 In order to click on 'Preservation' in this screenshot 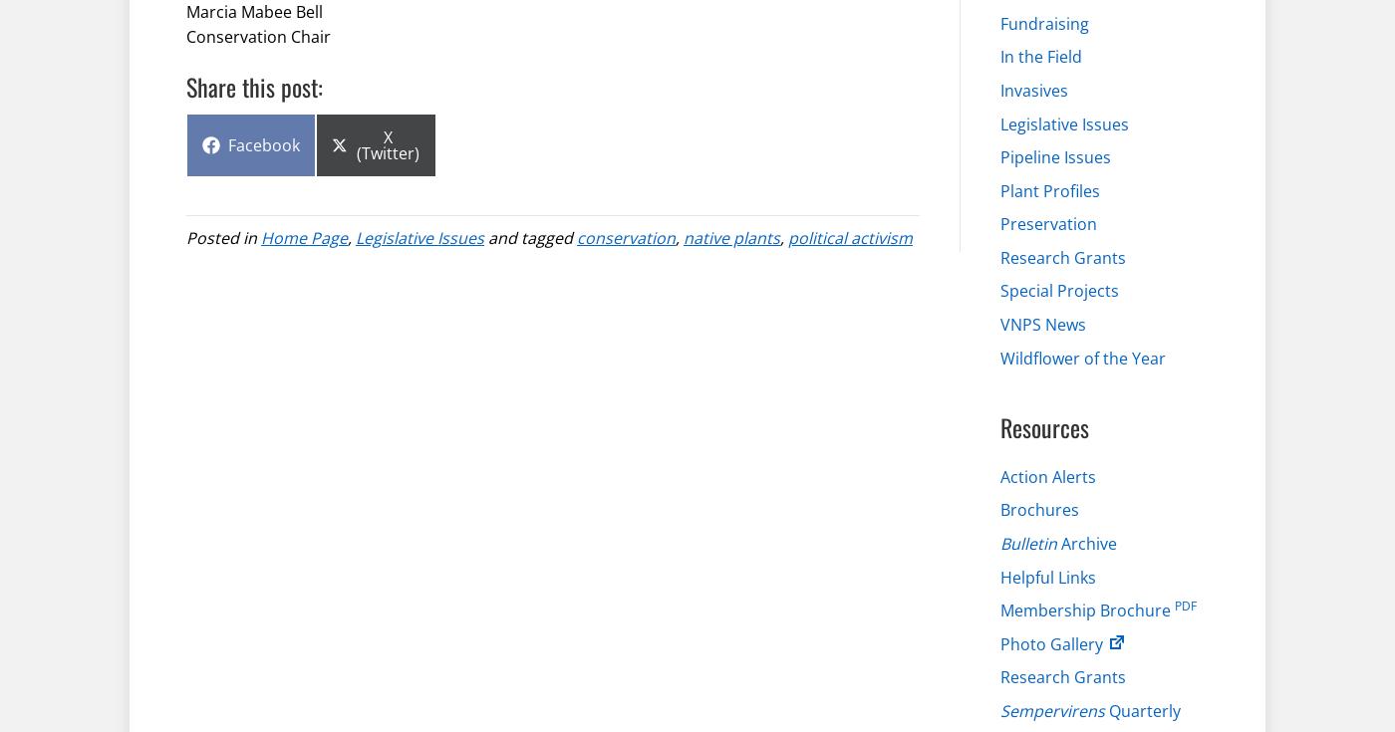, I will do `click(1048, 222)`.